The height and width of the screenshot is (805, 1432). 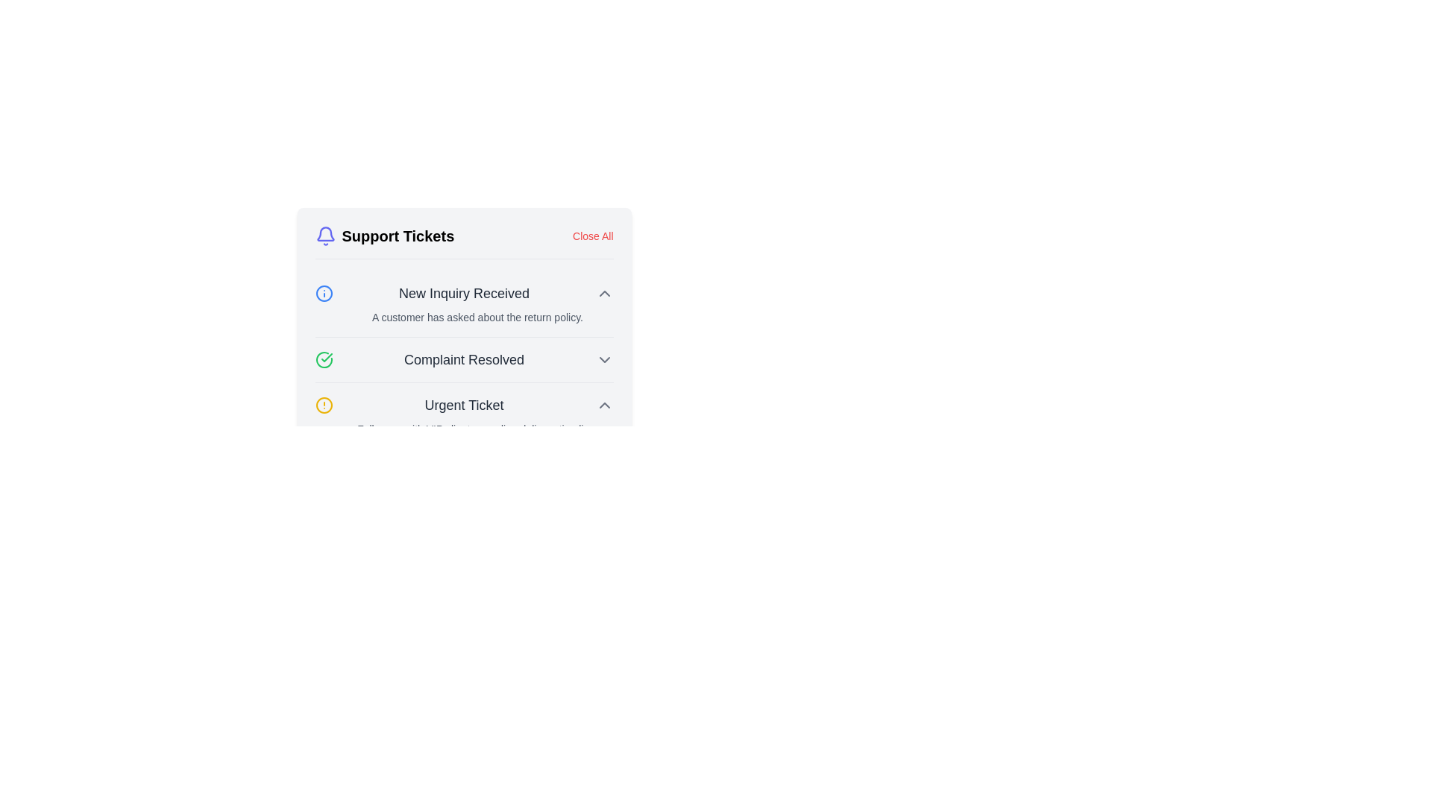 I want to click on the downward-facing chevron icon styled in gray located at the far-right of the 'Complaint Resolved' text, so click(x=604, y=359).